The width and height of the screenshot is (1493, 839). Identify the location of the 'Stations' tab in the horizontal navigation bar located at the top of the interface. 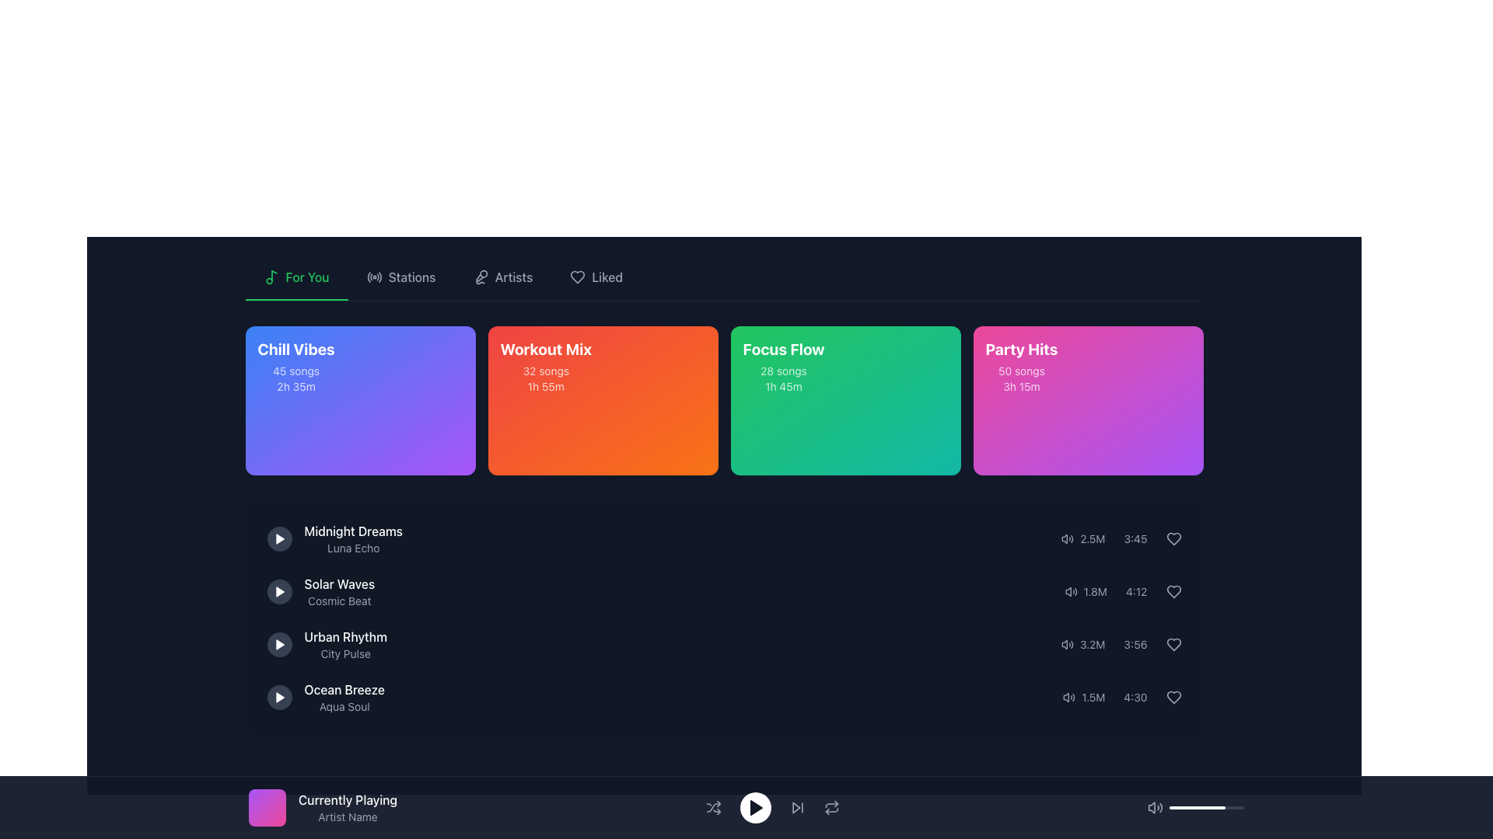
(723, 277).